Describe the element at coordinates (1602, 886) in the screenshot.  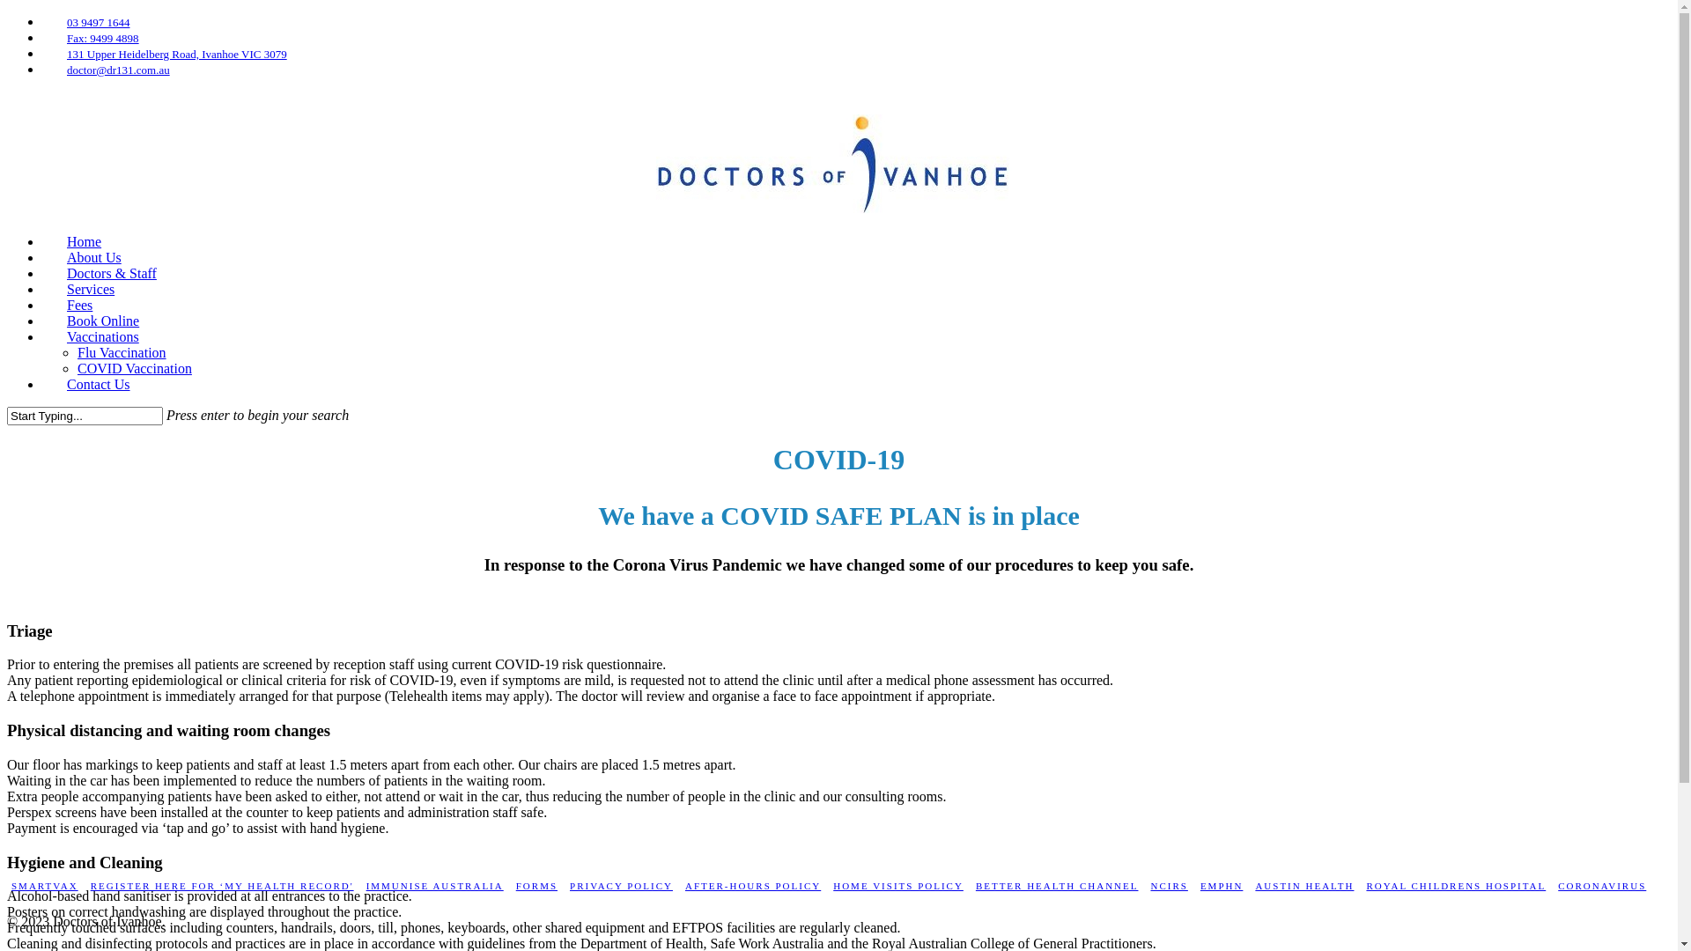
I see `'CORONAVIRUS'` at that location.